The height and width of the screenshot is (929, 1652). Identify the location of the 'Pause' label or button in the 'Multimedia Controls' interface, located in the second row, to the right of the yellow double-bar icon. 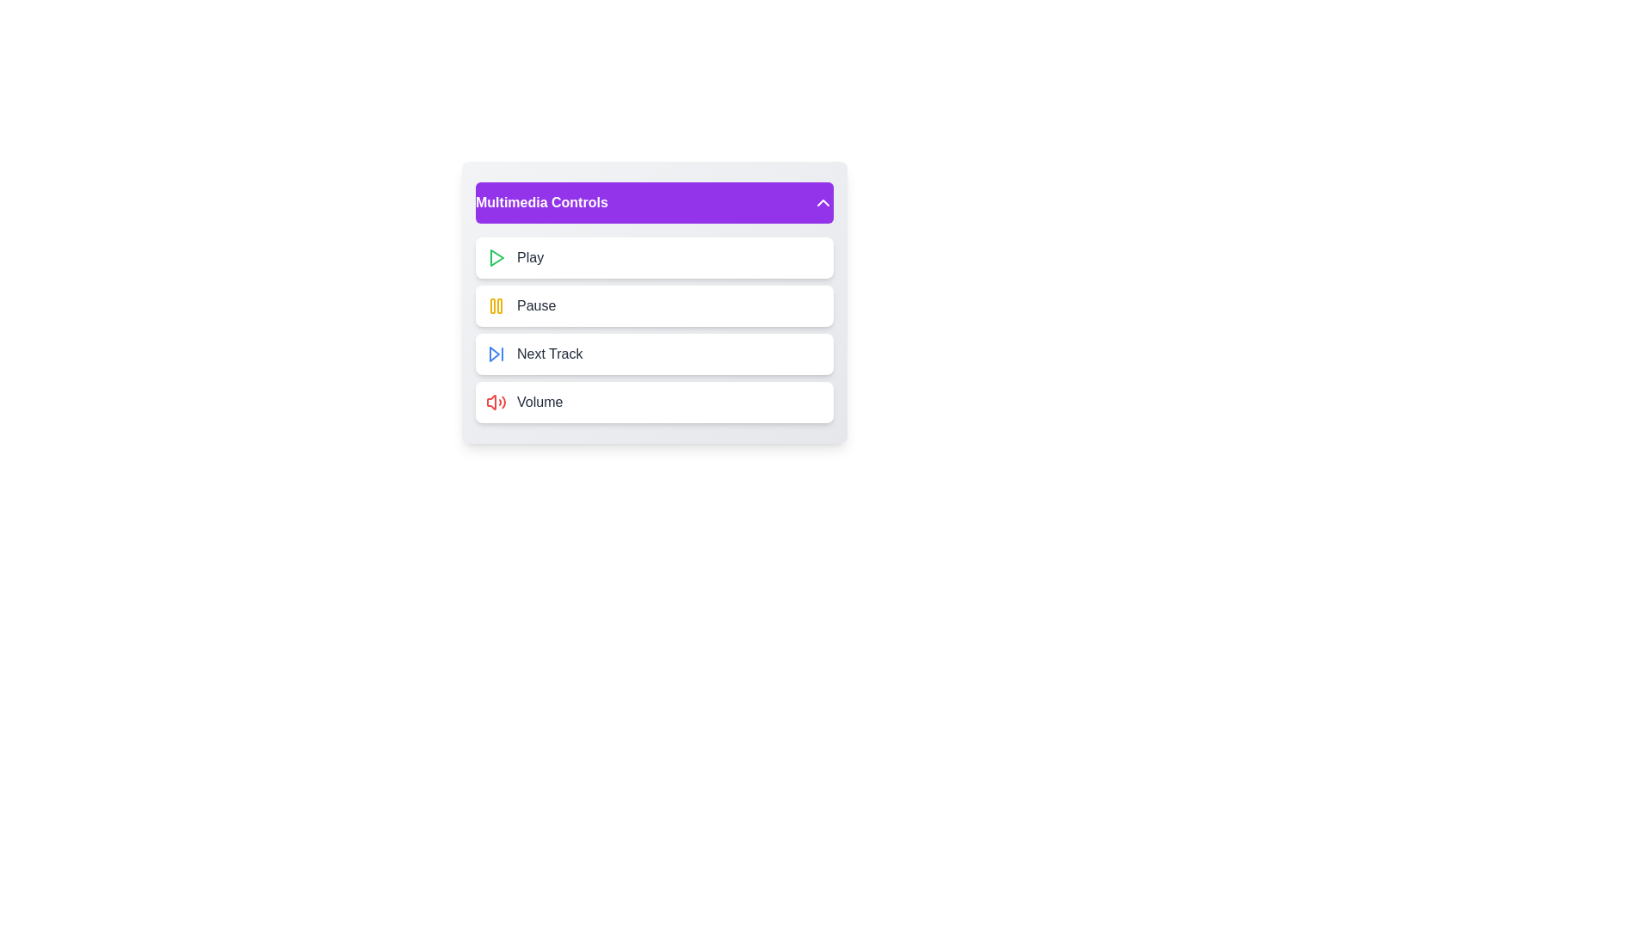
(535, 305).